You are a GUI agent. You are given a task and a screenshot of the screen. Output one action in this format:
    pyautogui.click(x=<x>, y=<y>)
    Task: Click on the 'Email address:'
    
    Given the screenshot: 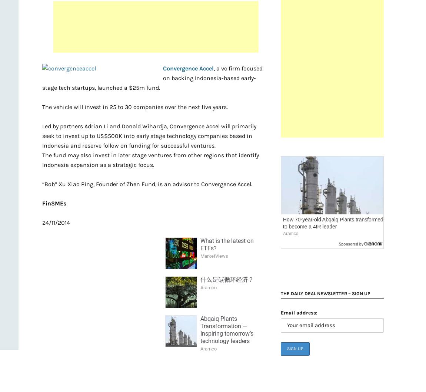 What is the action you would take?
    pyautogui.click(x=299, y=312)
    